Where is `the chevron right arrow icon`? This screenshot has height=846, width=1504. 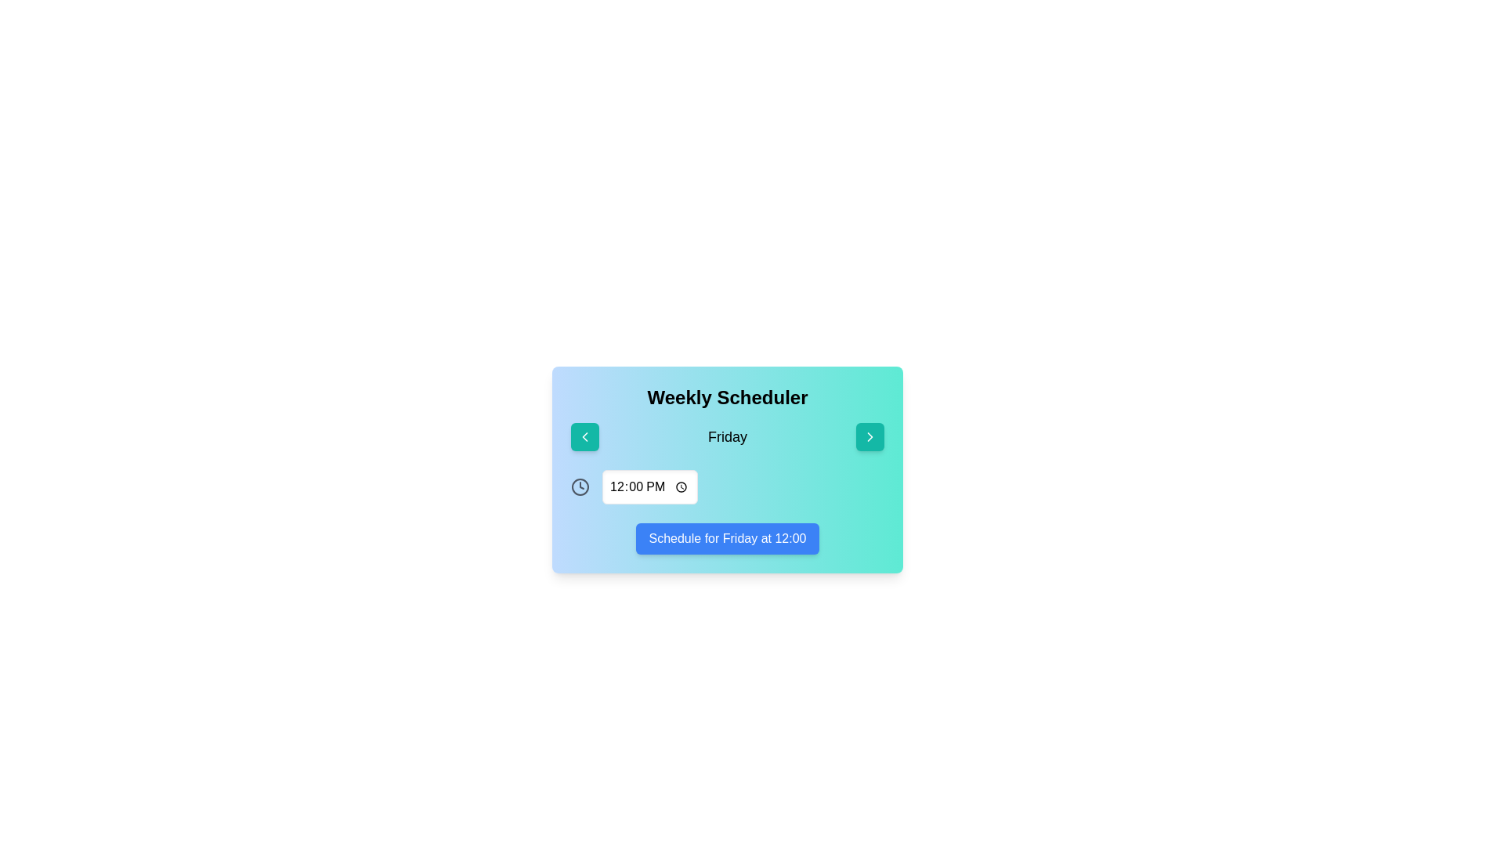
the chevron right arrow icon is located at coordinates (869, 437).